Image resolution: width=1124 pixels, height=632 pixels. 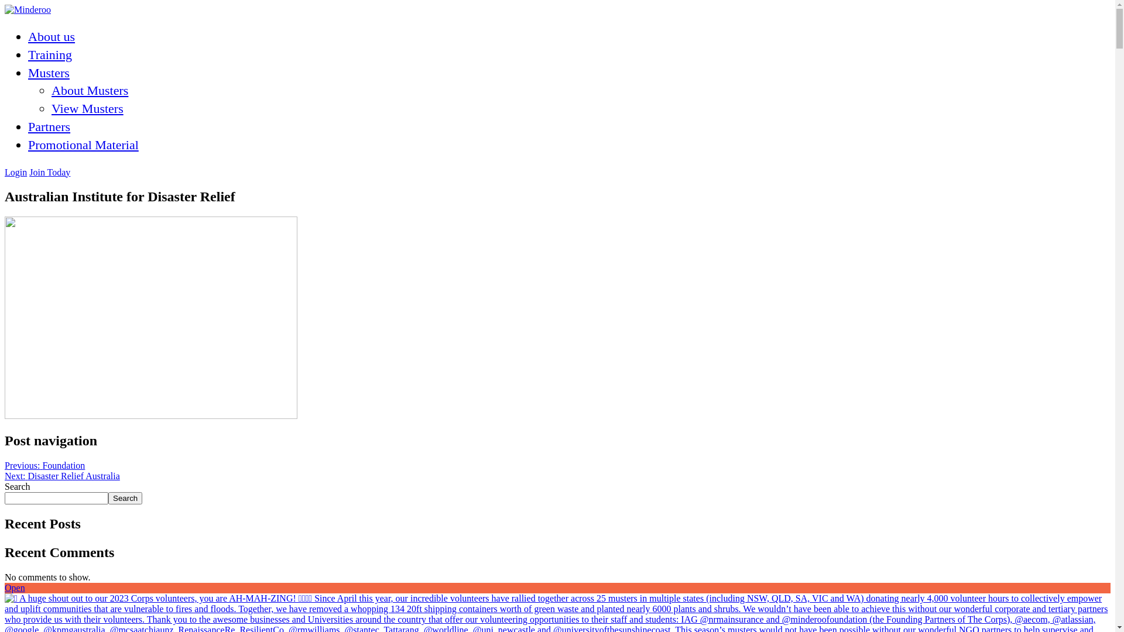 I want to click on 'Previous: Foundation', so click(x=44, y=465).